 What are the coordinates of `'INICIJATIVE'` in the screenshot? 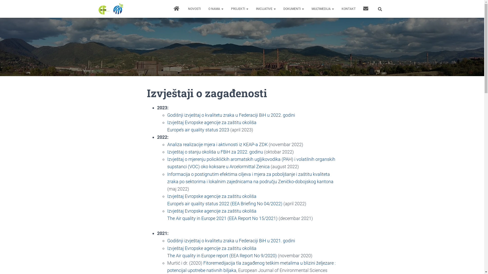 It's located at (266, 9).